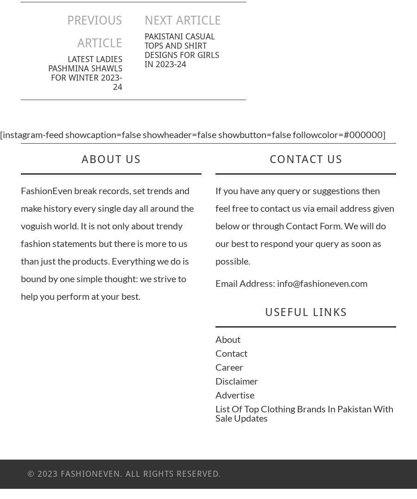 The width and height of the screenshot is (417, 499). What do you see at coordinates (304, 413) in the screenshot?
I see `'List Of Top Clothing Brands In Pakistan With Sale Updates'` at bounding box center [304, 413].